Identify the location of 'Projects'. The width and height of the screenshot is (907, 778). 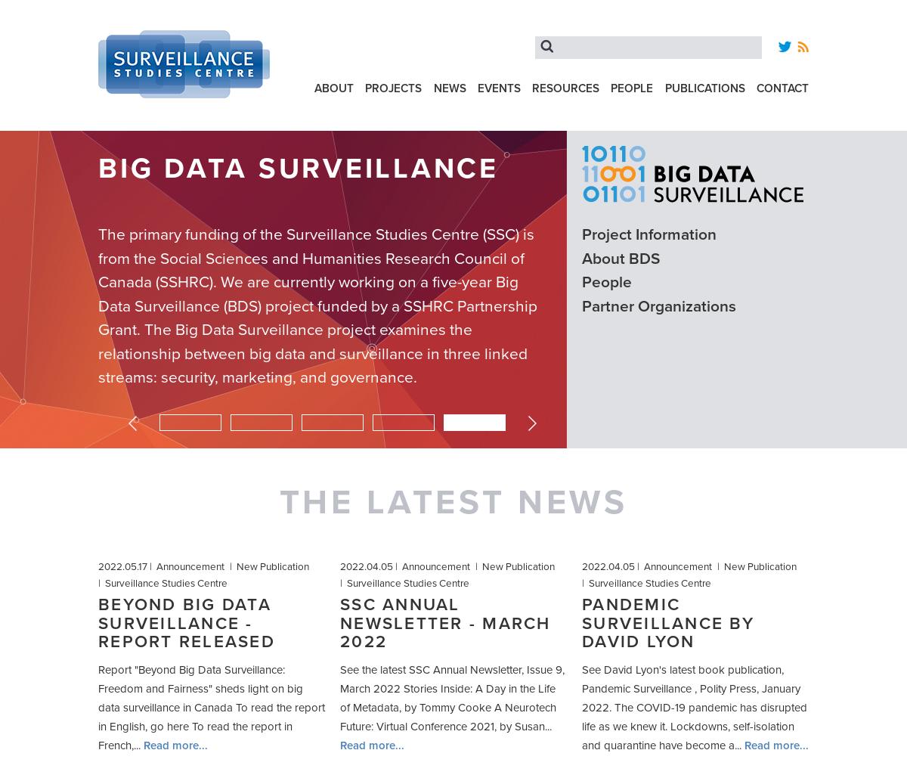
(392, 87).